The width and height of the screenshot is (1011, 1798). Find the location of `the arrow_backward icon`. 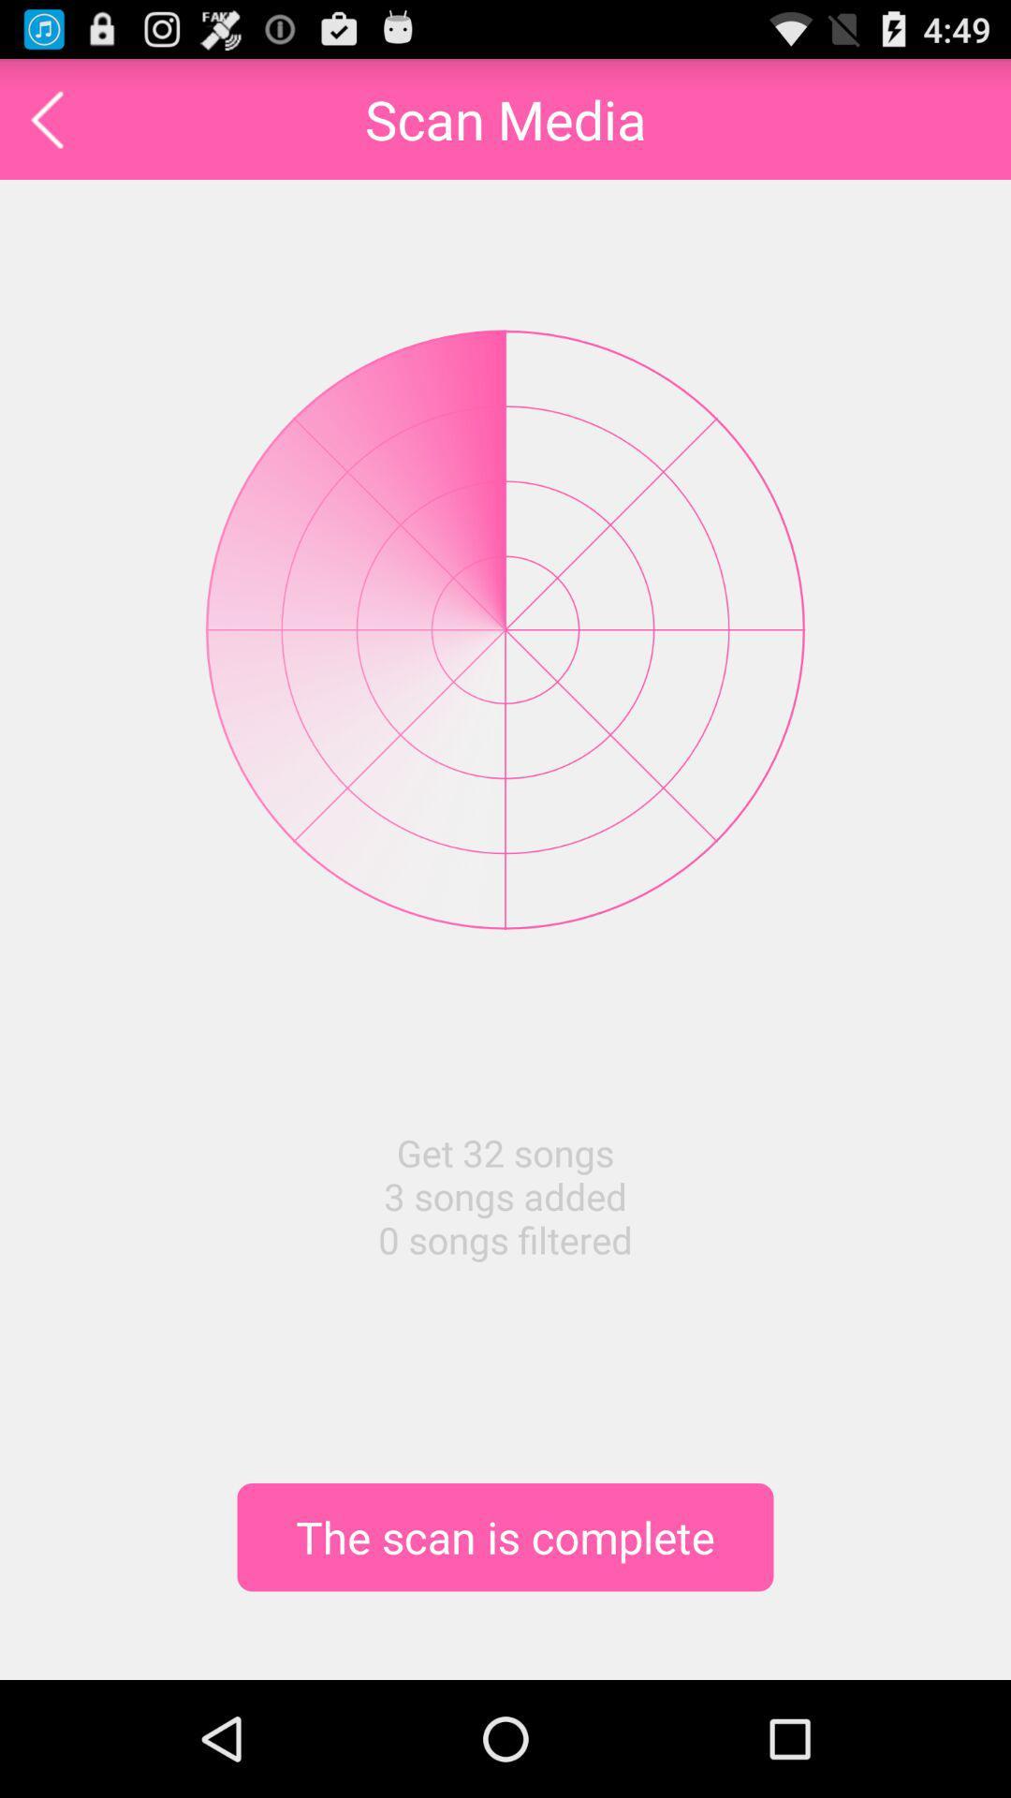

the arrow_backward icon is located at coordinates (46, 126).